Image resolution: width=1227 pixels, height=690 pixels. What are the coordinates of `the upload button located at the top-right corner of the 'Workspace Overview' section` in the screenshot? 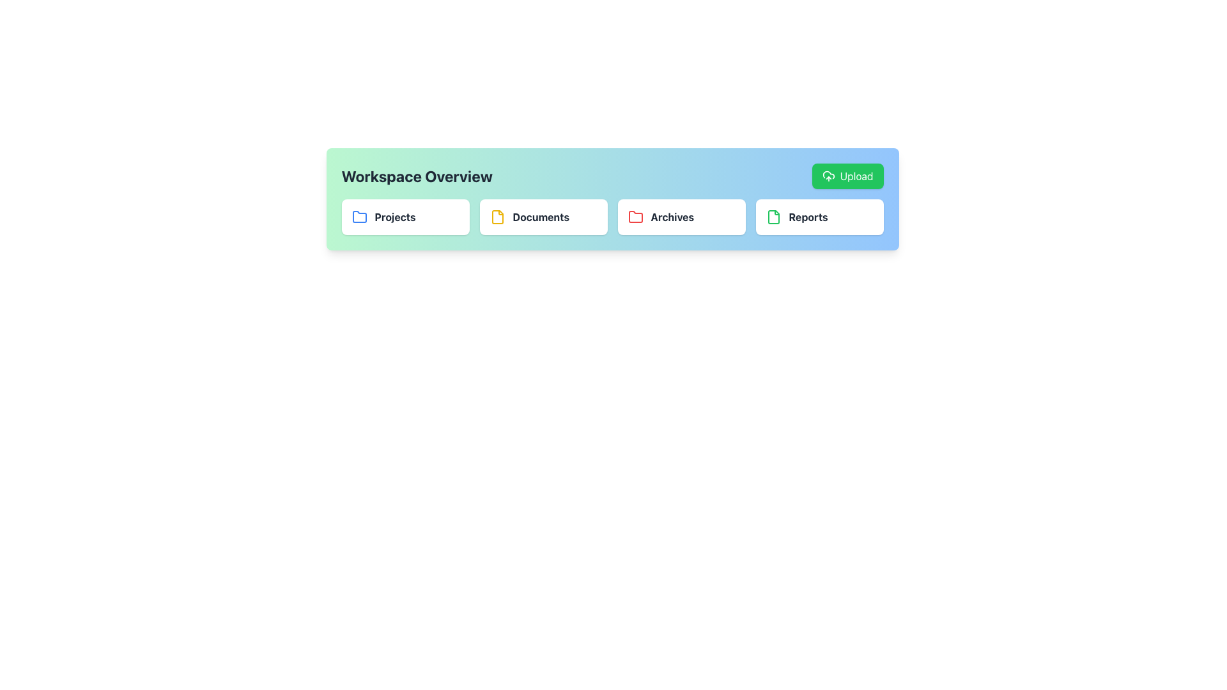 It's located at (847, 176).